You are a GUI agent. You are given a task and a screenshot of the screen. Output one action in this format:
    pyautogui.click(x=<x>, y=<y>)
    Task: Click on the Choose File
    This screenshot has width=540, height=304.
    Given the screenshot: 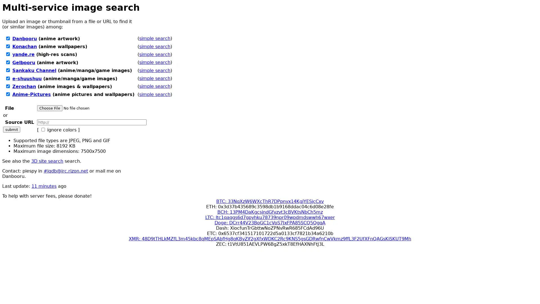 What is the action you would take?
    pyautogui.click(x=50, y=108)
    